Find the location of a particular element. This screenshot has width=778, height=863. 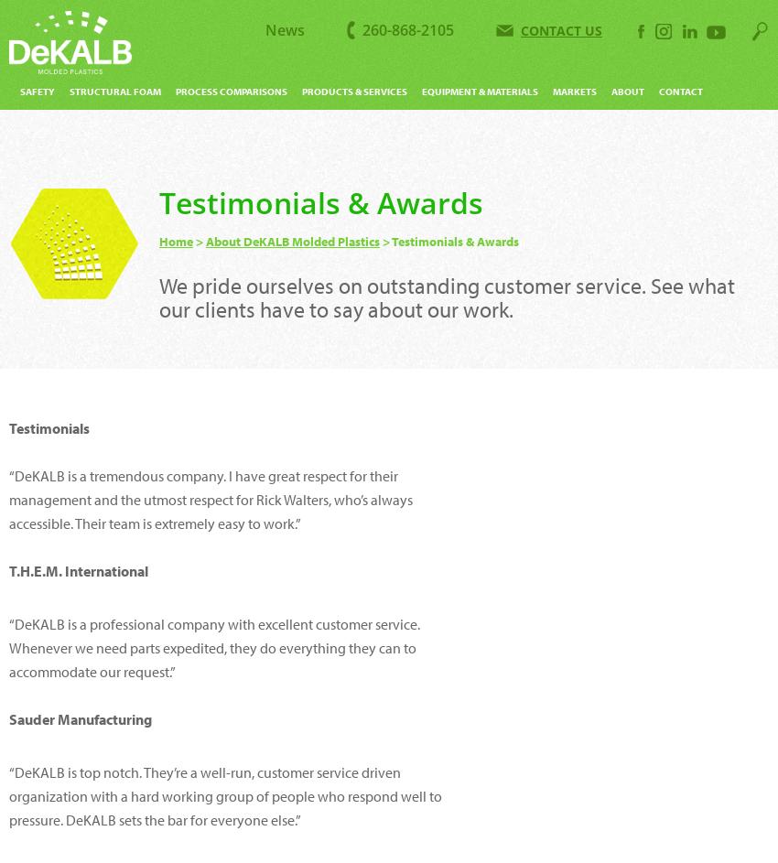

'T.H.E.M. International' is located at coordinates (78, 569).